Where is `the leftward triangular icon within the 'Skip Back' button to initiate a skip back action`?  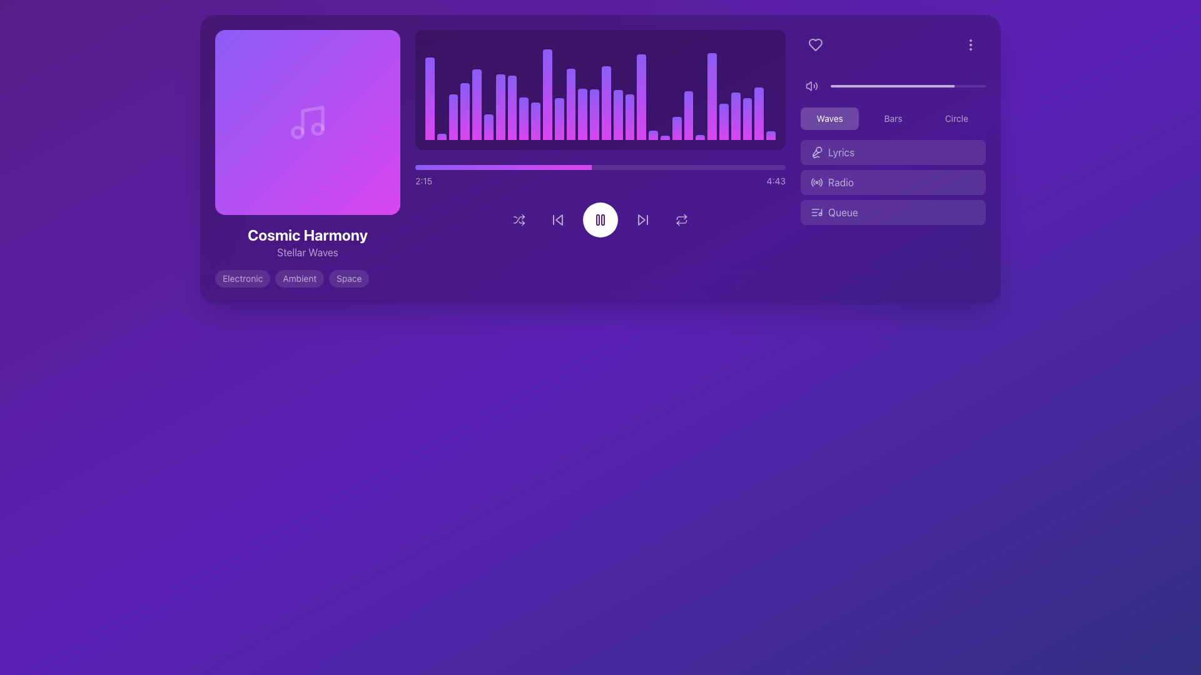 the leftward triangular icon within the 'Skip Back' button to initiate a skip back action is located at coordinates (558, 219).